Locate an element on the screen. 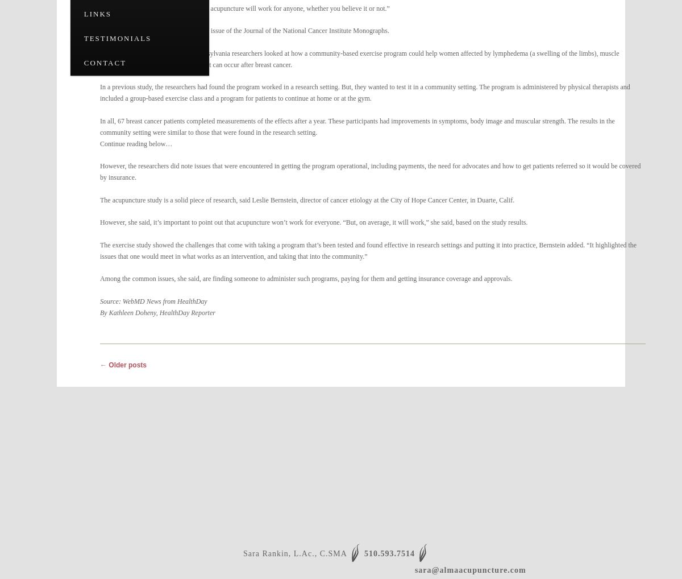 Image resolution: width=682 pixels, height=579 pixels. 'In a previous study, the researchers had found the program worked in a research setting. But, they wanted to test it in a community setting. The program is administered by physical therapists and included a group-based exercise class and a program for patients to continue at home or at the gym.' is located at coordinates (365, 92).